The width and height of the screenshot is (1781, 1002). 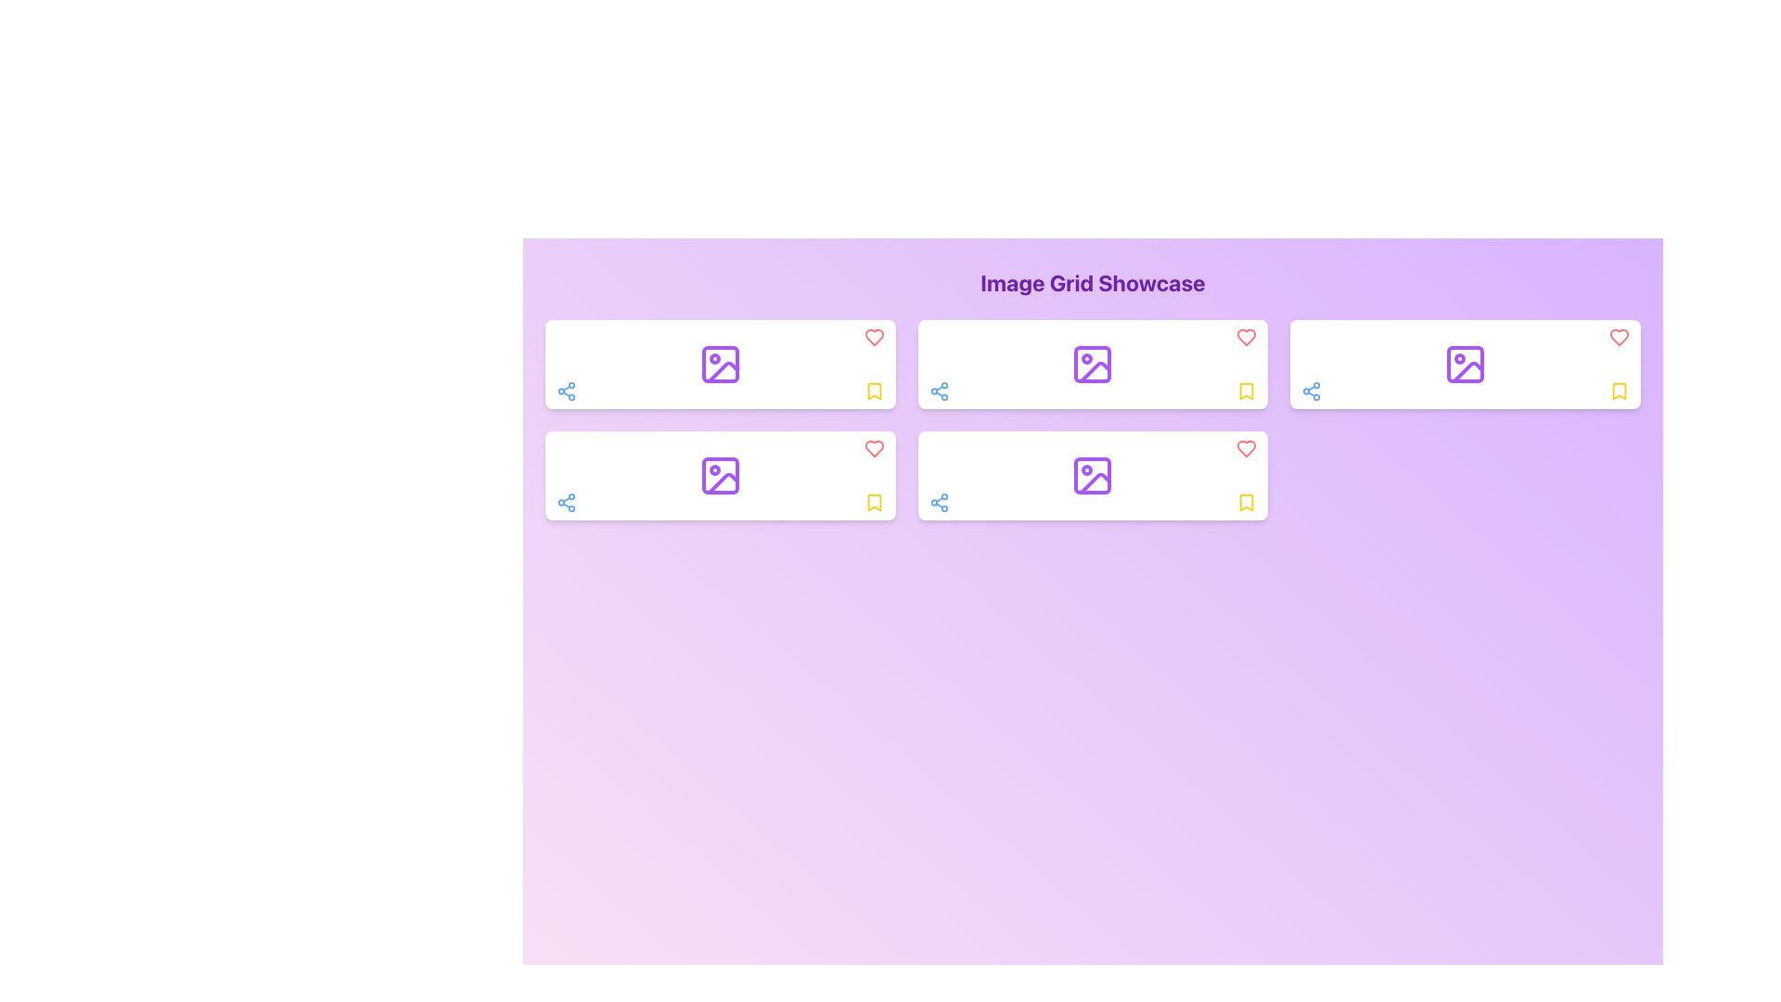 What do you see at coordinates (1311, 390) in the screenshot?
I see `the share button located at the bottom-left of the fourth card in the top row of the grid, adjacent to a purple image icon, to share the content` at bounding box center [1311, 390].